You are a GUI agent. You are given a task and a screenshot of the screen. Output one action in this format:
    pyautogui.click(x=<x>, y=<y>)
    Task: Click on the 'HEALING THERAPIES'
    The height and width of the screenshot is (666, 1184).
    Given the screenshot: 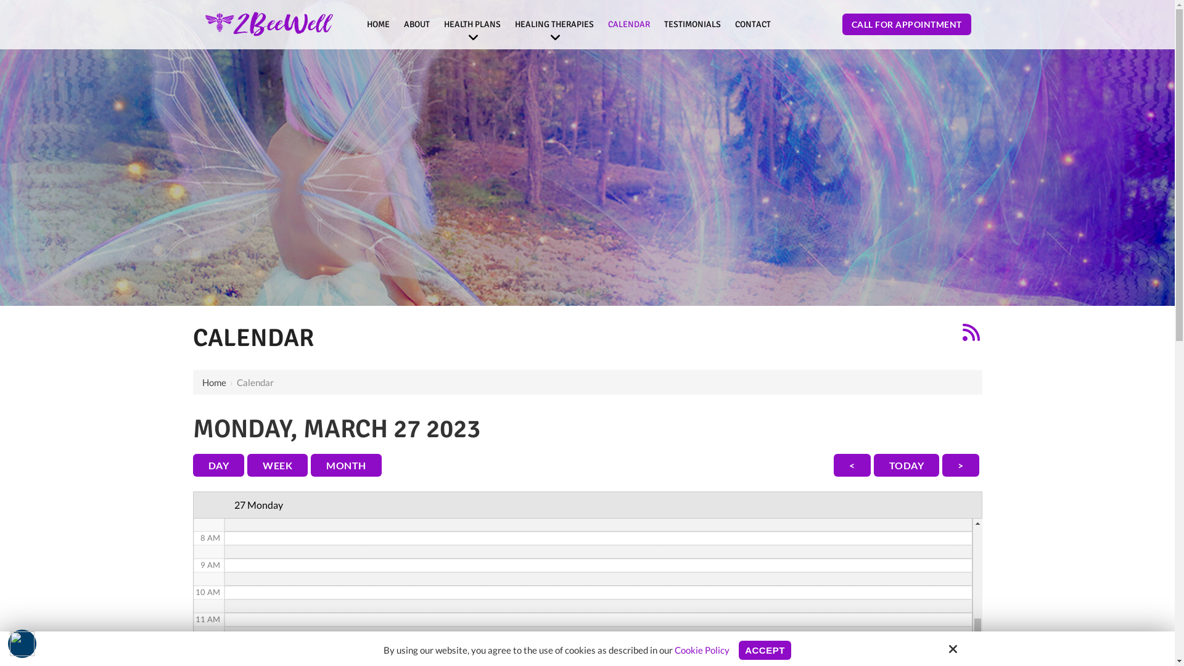 What is the action you would take?
    pyautogui.click(x=553, y=24)
    